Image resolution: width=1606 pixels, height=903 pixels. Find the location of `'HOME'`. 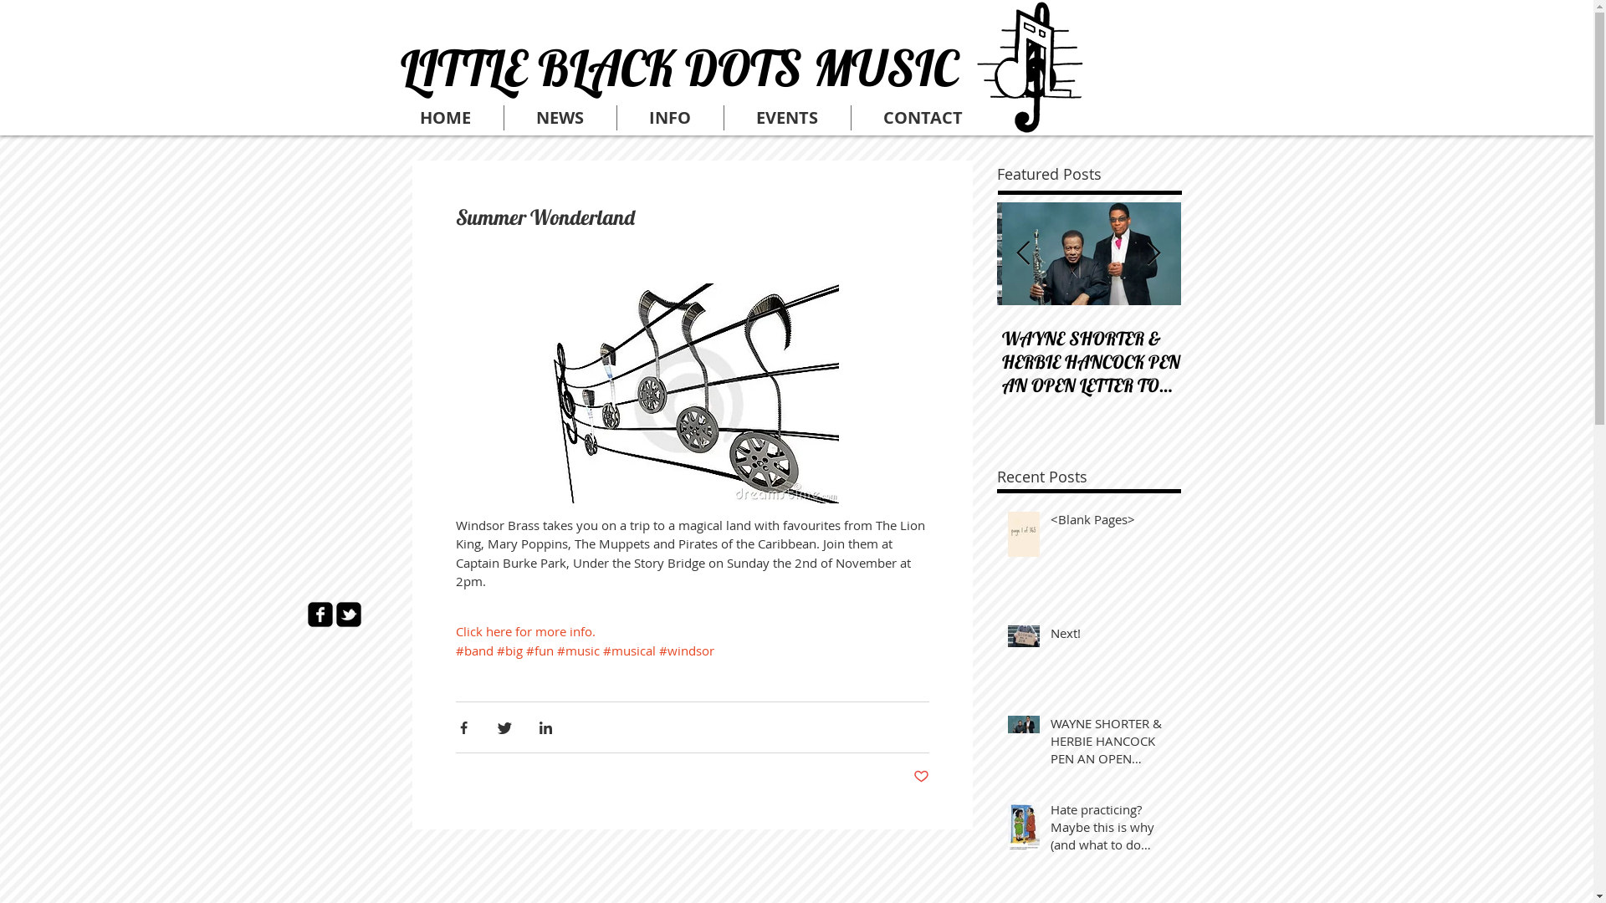

'HOME' is located at coordinates (445, 117).